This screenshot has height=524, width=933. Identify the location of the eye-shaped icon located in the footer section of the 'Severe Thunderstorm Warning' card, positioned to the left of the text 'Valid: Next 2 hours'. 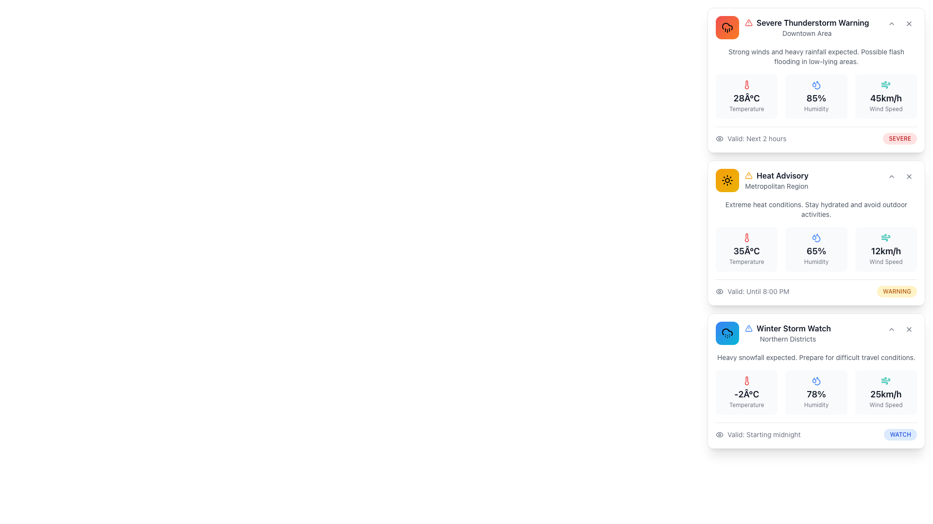
(720, 138).